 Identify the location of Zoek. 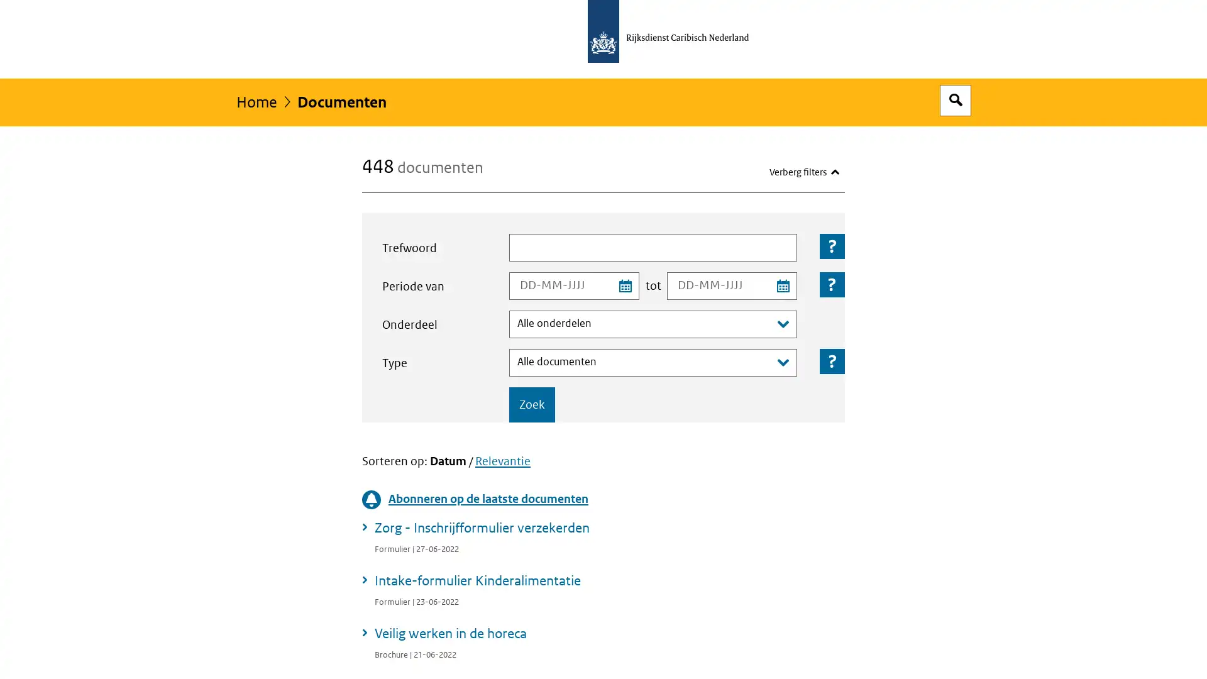
(532, 404).